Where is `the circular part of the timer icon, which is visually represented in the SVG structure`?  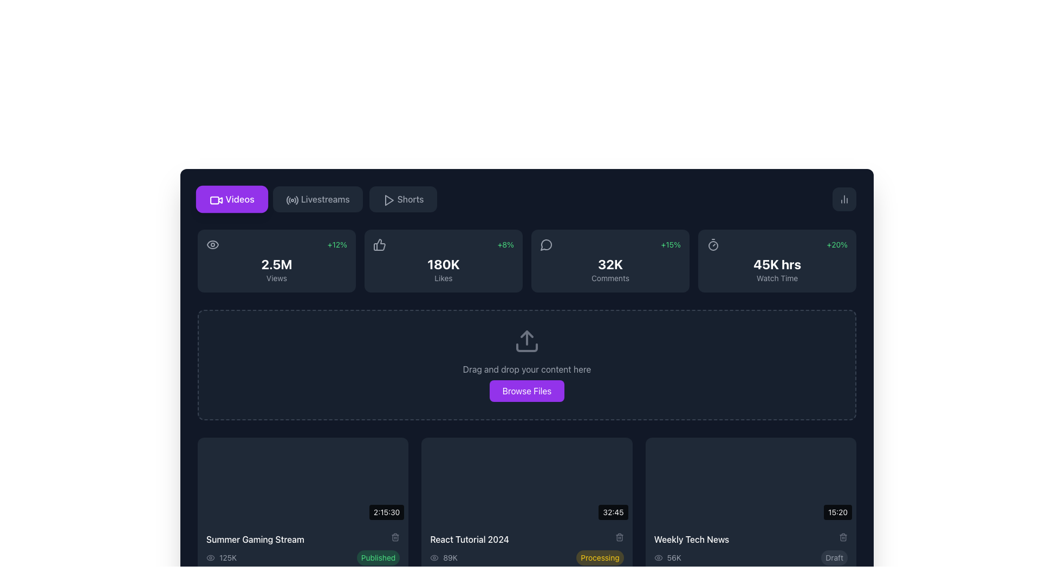 the circular part of the timer icon, which is visually represented in the SVG structure is located at coordinates (713, 246).